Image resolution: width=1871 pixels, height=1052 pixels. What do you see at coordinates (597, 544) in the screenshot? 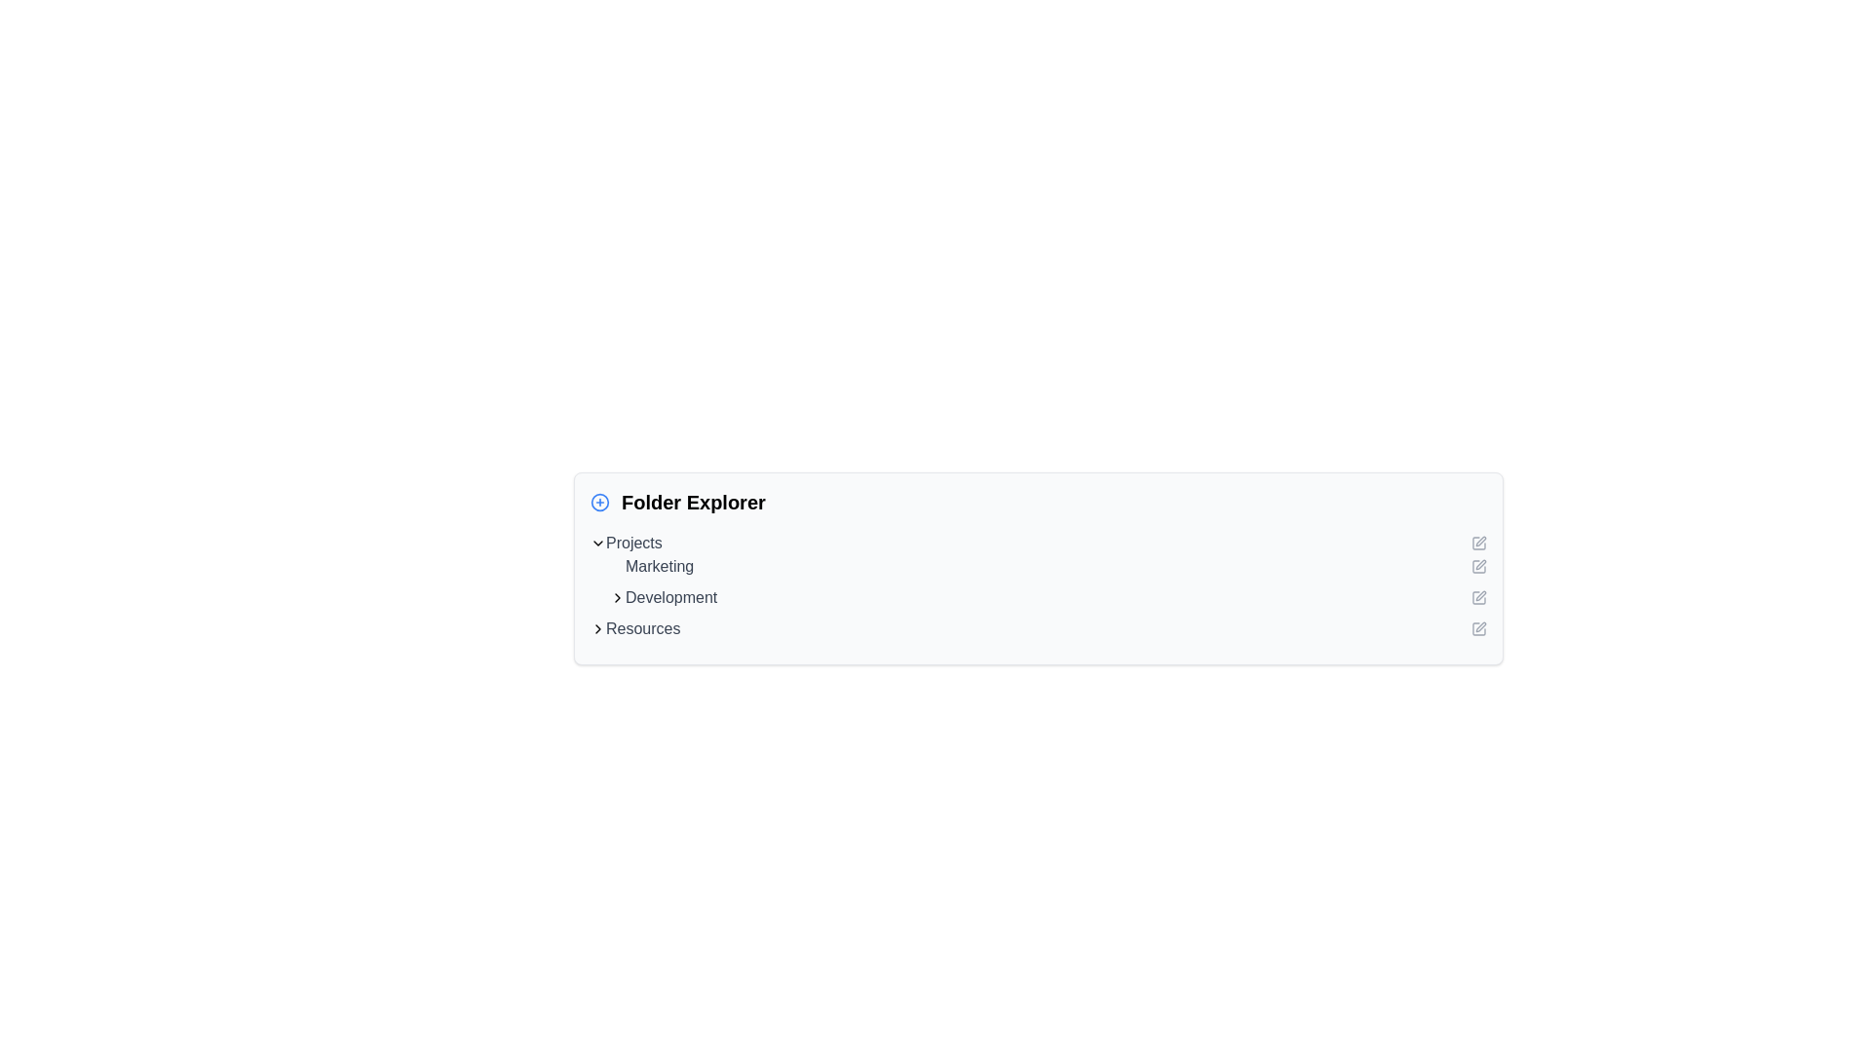
I see `the downward-pointing chevron icon, which is located to the far left side of the content labeled 'Projects'` at bounding box center [597, 544].